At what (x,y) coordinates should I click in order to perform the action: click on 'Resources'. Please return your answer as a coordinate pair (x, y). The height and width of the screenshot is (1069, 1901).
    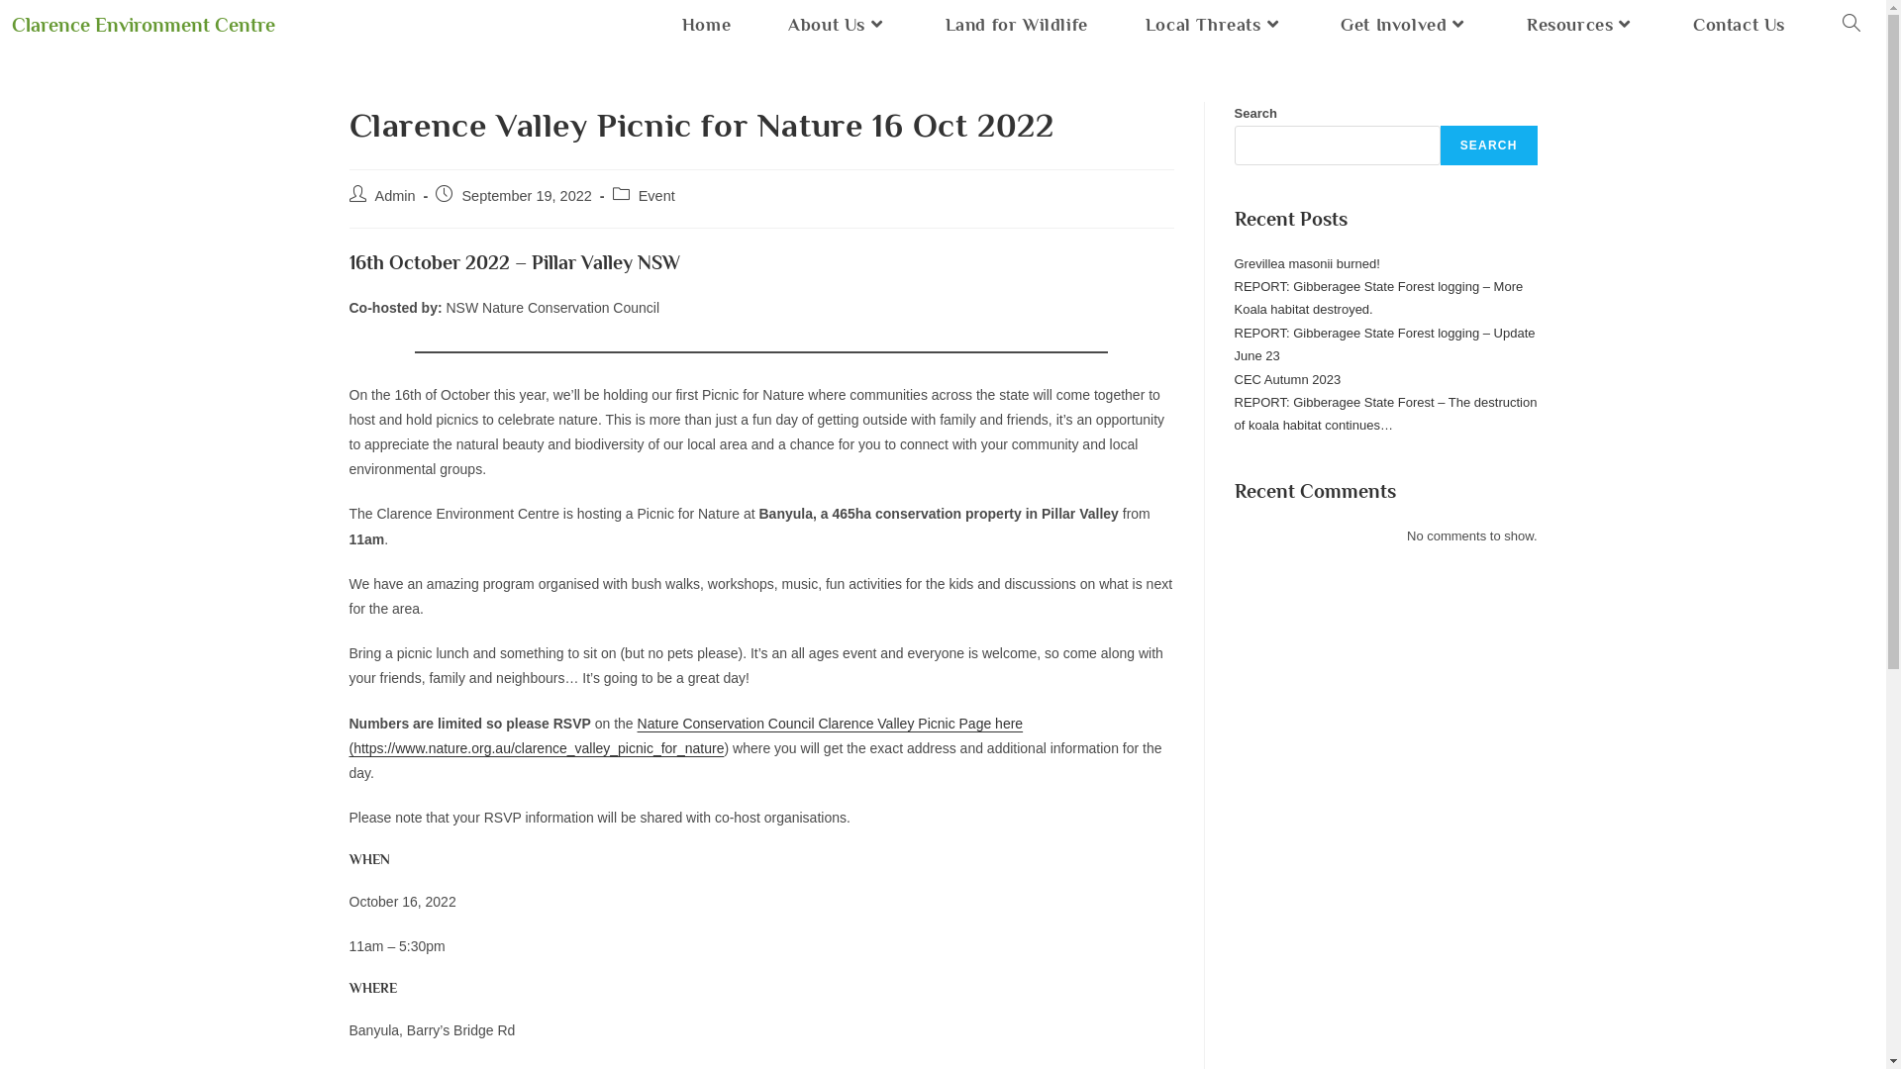
    Looking at the image, I should click on (1497, 25).